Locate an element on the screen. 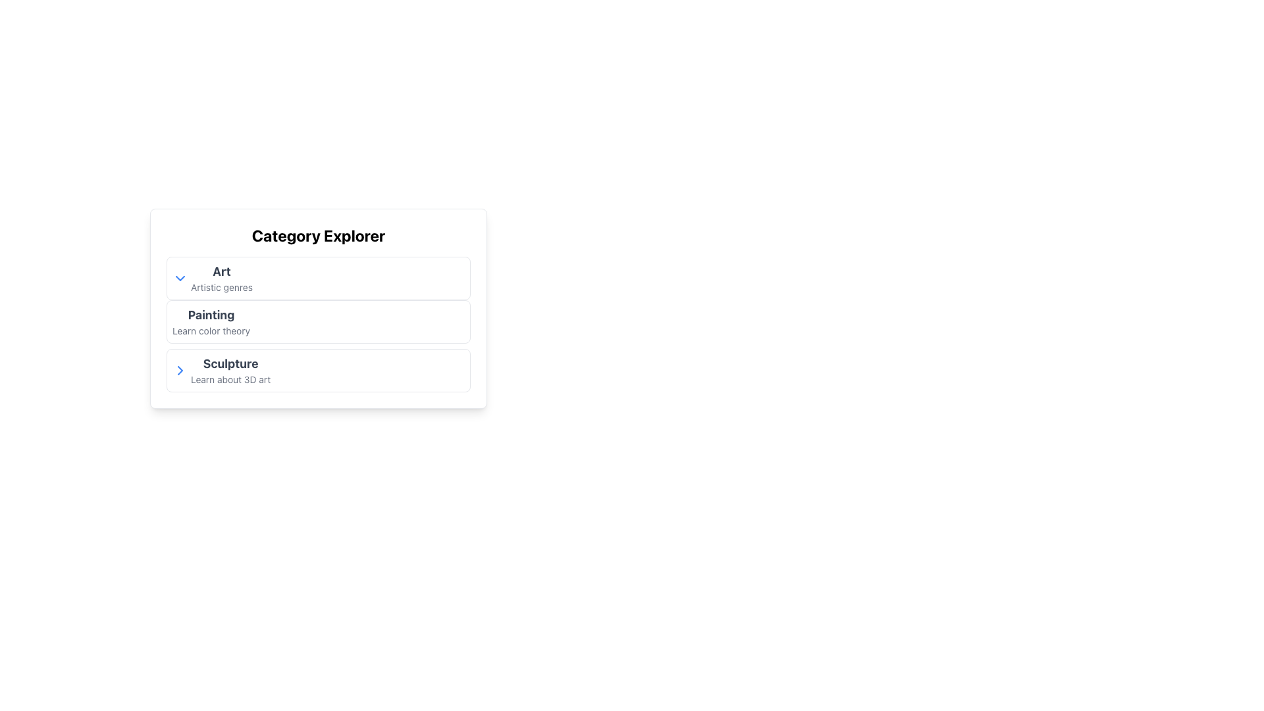  the icon located to the far left of the 'Art' category is located at coordinates (179, 278).